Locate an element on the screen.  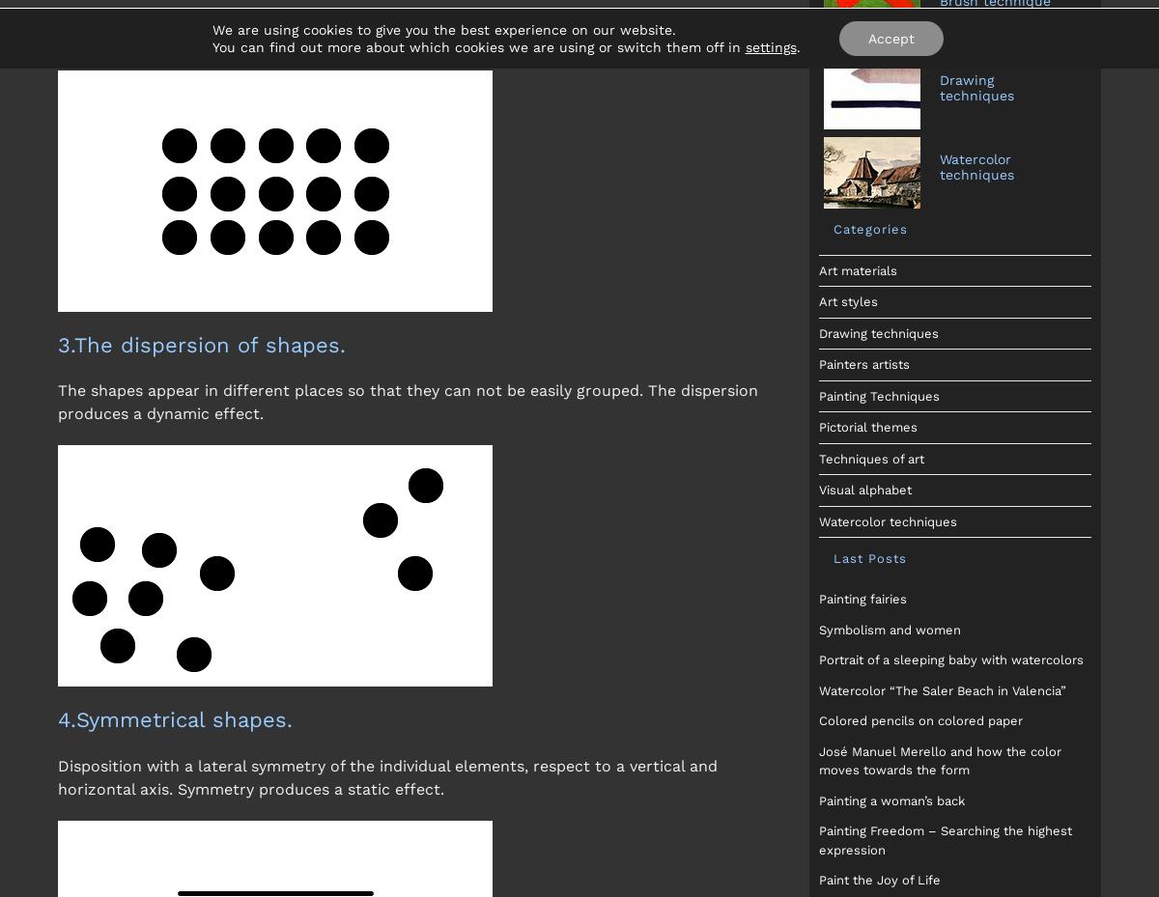
'José Manuel Merello and how the color moves towards the form' is located at coordinates (939, 759).